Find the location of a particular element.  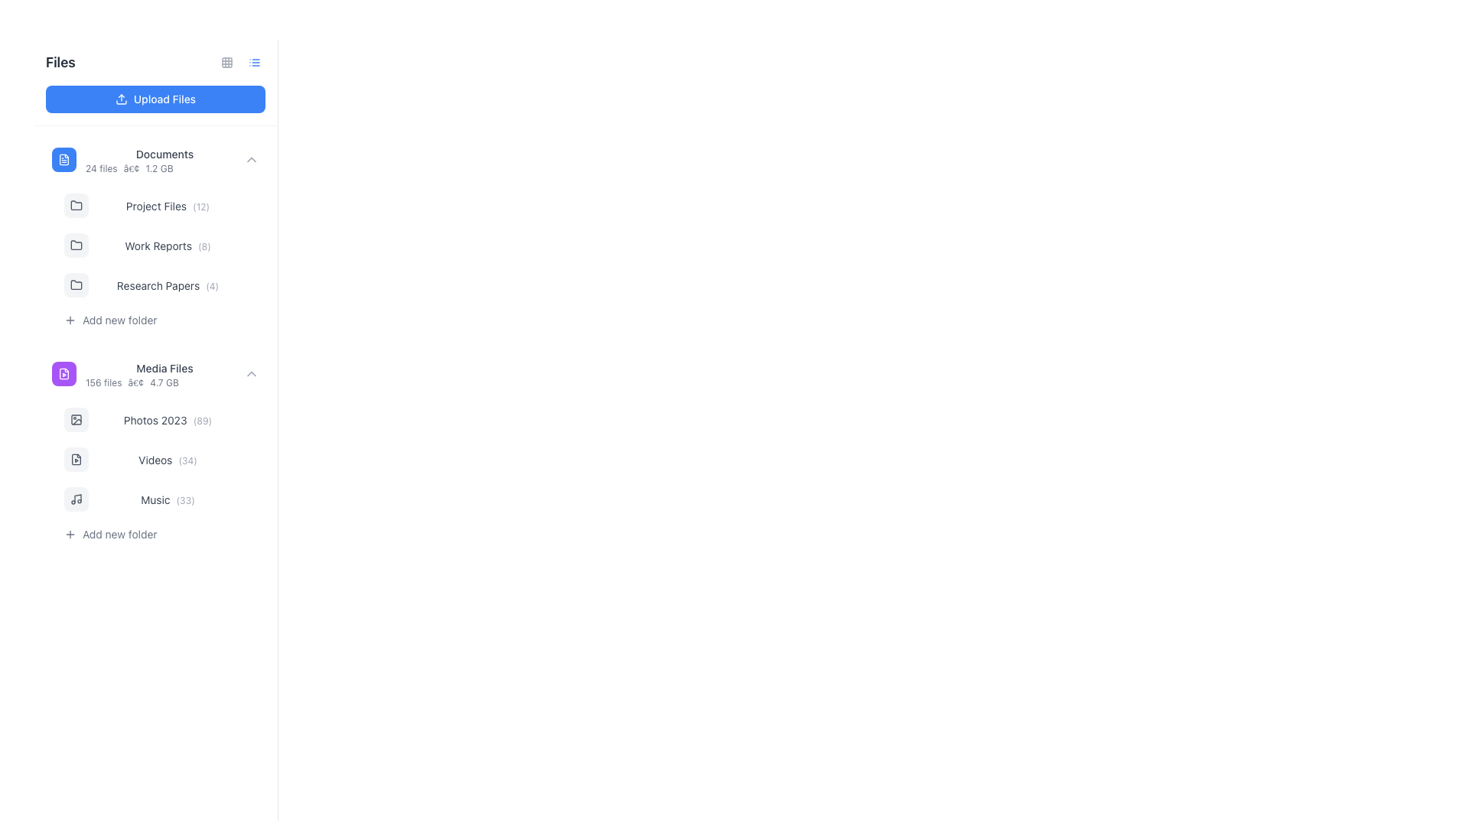

the upload files icon located near the left-center inside the blue 'Upload Files' button in the upper part of the sidebar is located at coordinates (120, 99).